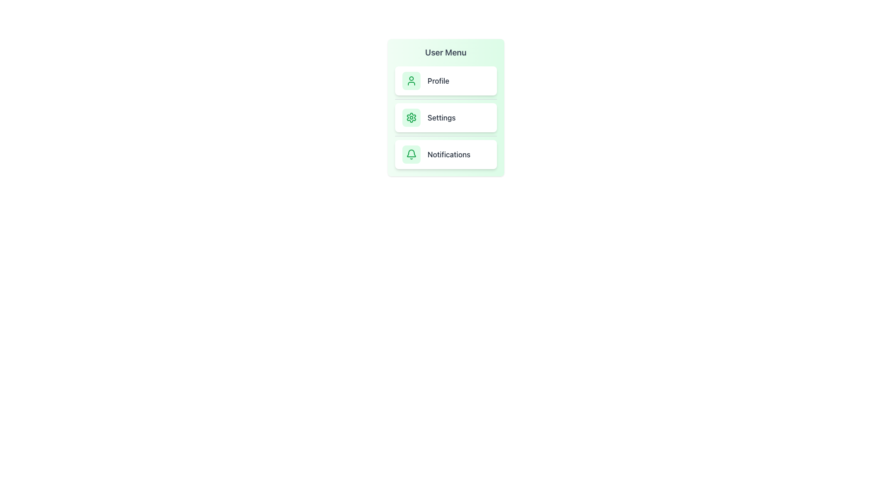  What do you see at coordinates (438, 80) in the screenshot?
I see `the text of the label indicating the action or destination associated with the user profile button` at bounding box center [438, 80].